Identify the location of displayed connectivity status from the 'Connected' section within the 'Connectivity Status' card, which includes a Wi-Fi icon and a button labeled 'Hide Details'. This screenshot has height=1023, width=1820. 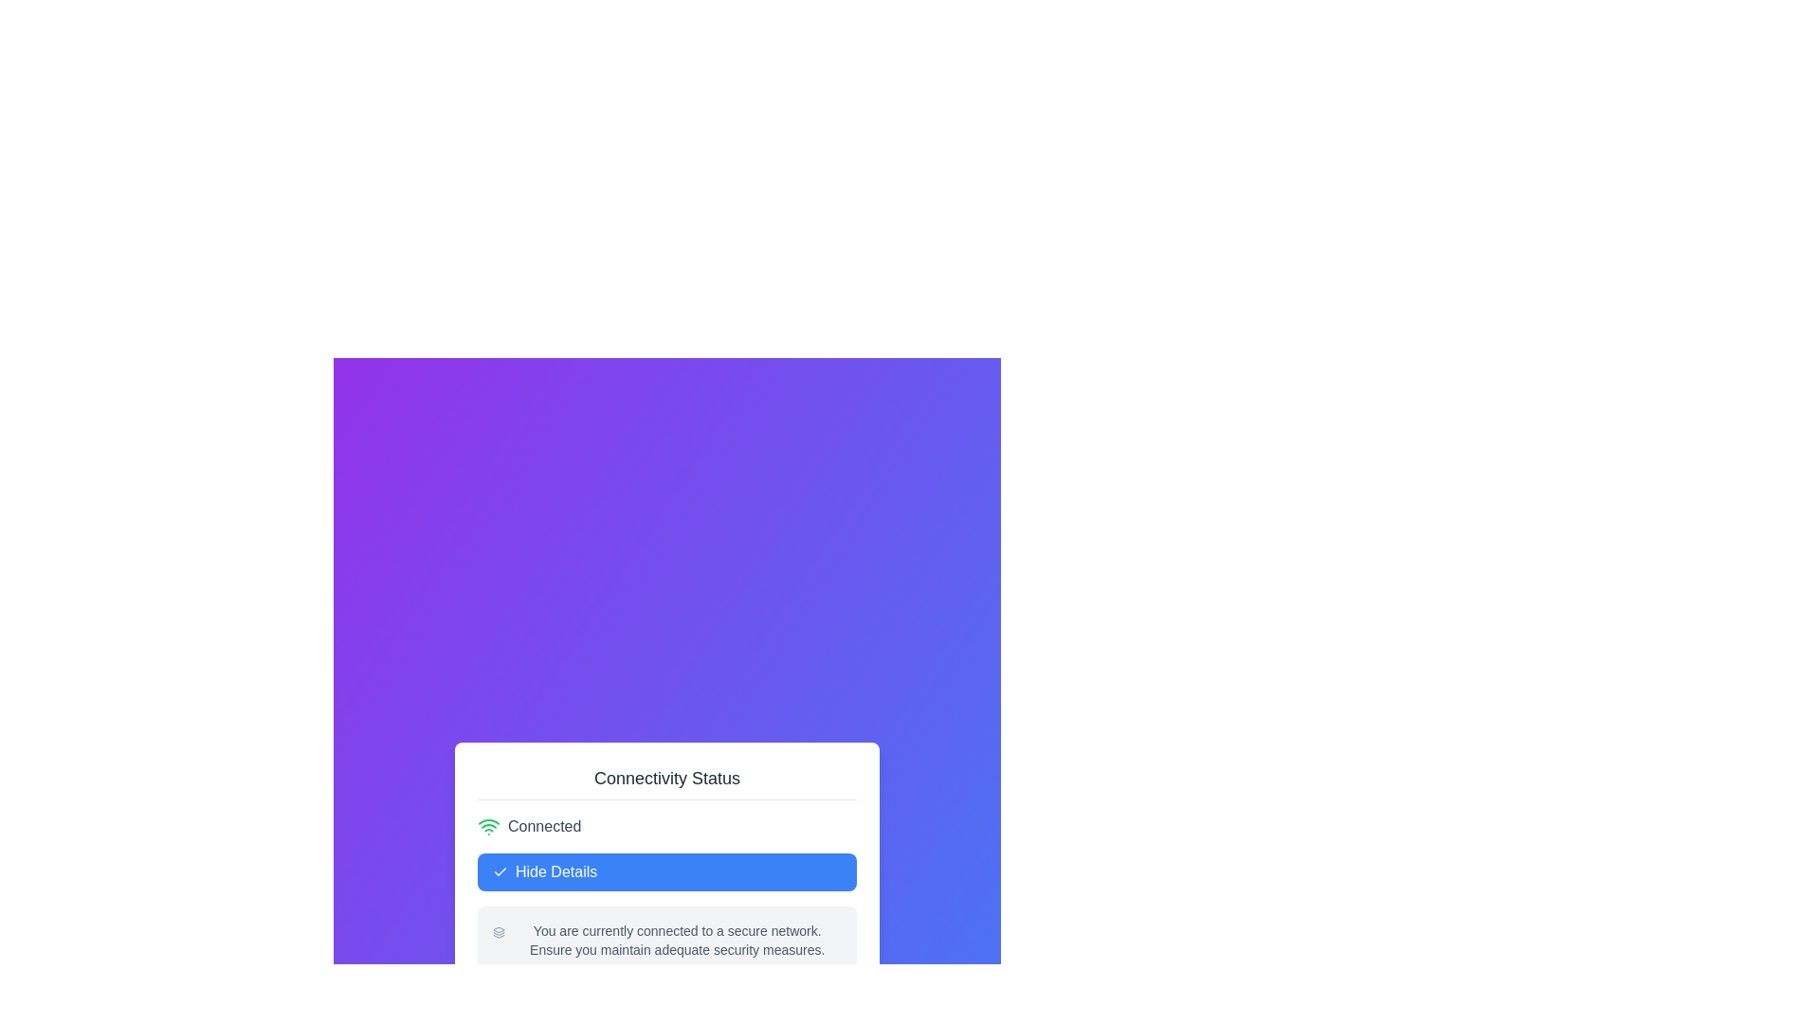
(667, 894).